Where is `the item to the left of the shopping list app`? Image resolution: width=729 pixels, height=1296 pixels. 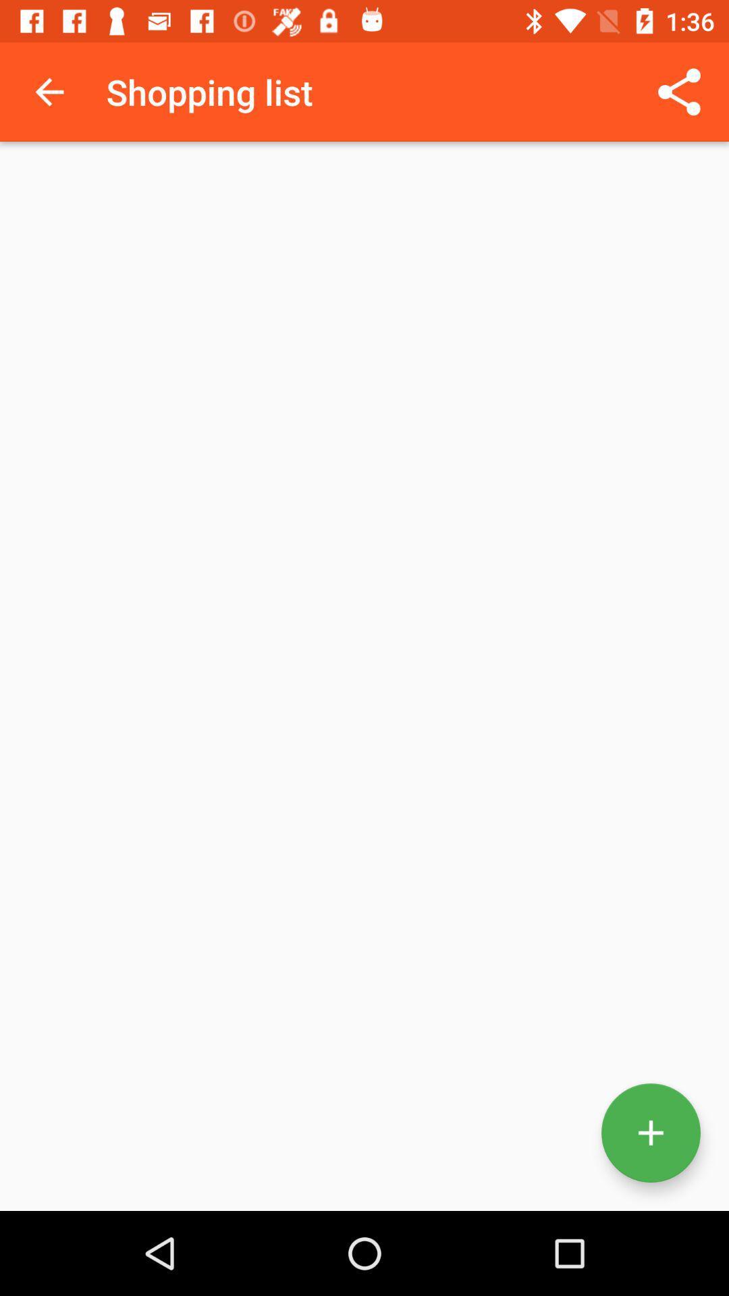
the item to the left of the shopping list app is located at coordinates (49, 91).